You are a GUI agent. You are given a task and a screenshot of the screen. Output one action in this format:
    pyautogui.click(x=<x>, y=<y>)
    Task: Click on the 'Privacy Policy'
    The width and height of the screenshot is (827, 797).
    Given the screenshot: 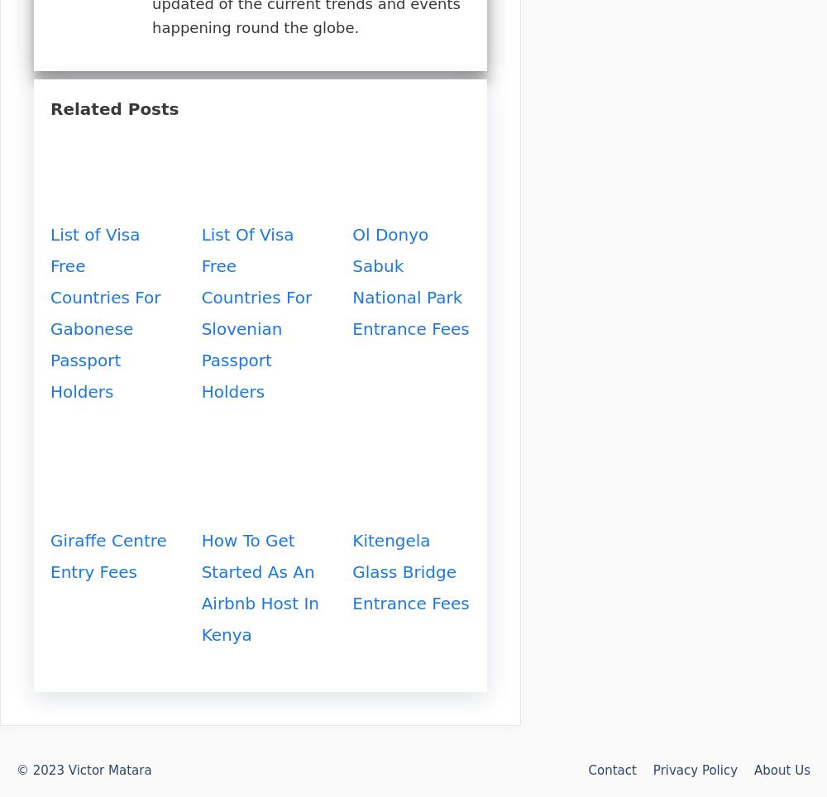 What is the action you would take?
    pyautogui.click(x=694, y=770)
    